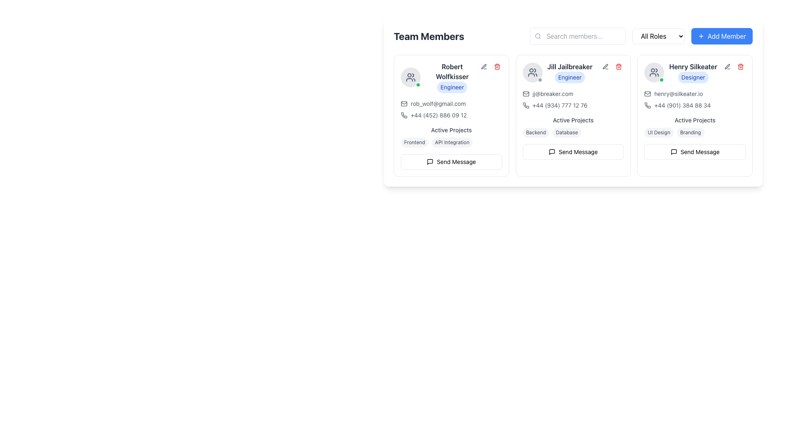 Image resolution: width=791 pixels, height=445 pixels. I want to click on the small circular indicator located in the bottom-right corner of the larger circular component within the profile card of a team member, so click(540, 80).